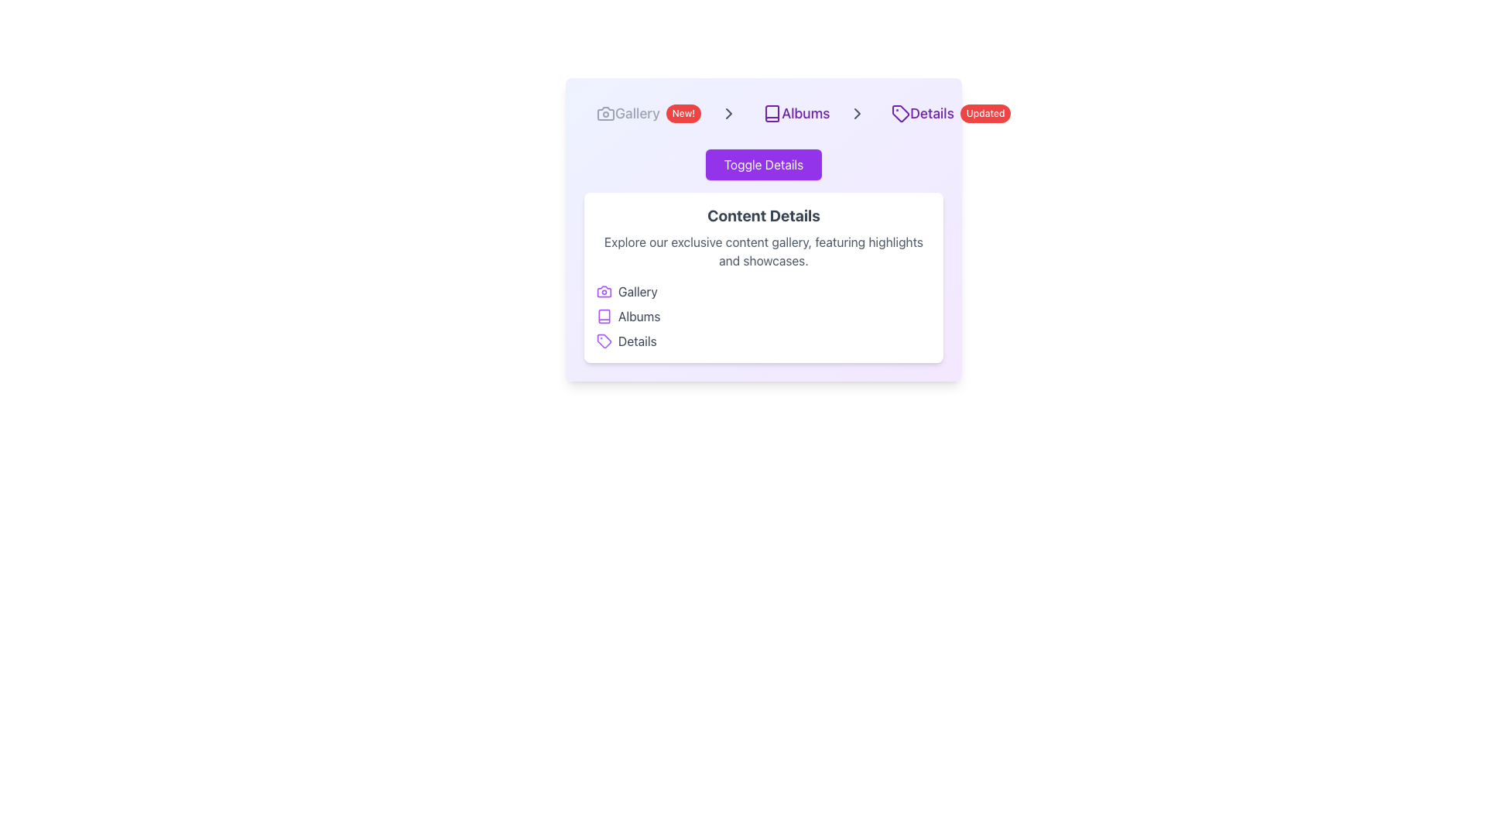  Describe the element at coordinates (764, 255) in the screenshot. I see `the interactive sub-elements within the detail display panel located below the 'Toggle Details' button` at that location.